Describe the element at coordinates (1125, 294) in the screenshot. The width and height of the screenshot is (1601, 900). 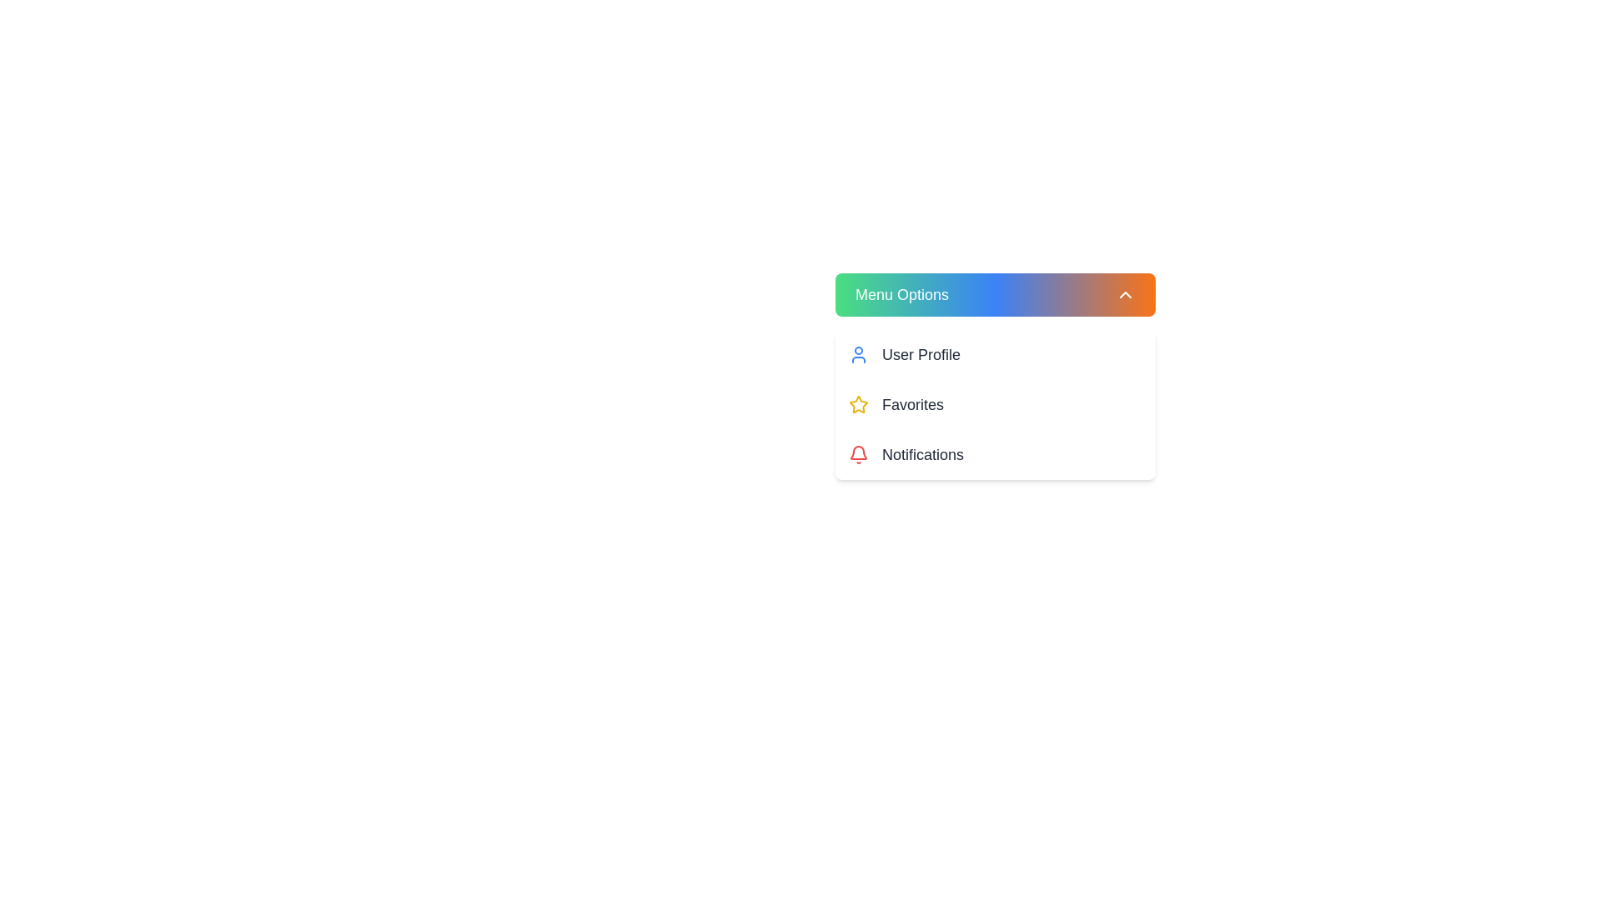
I see `the chevron upwards icon located at the far right of the 'Menu Options' button` at that location.